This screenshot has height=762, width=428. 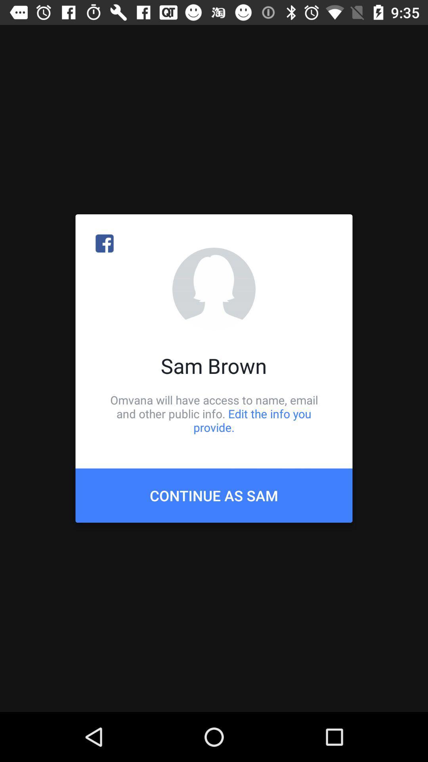 I want to click on omvana will have icon, so click(x=214, y=413).